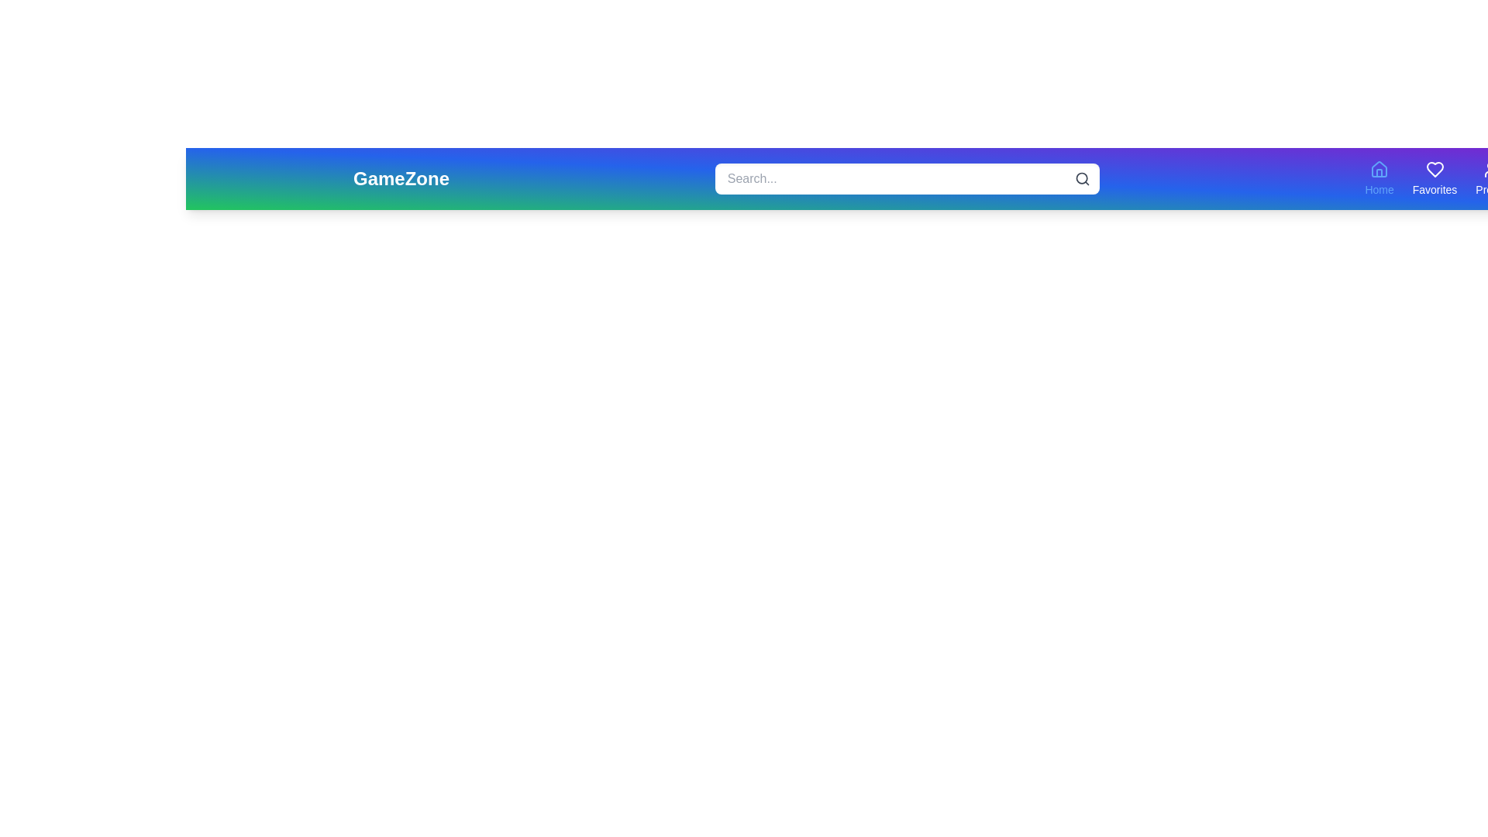 The height and width of the screenshot is (837, 1488). I want to click on the 'Favorites' navigation button, so click(1434, 178).